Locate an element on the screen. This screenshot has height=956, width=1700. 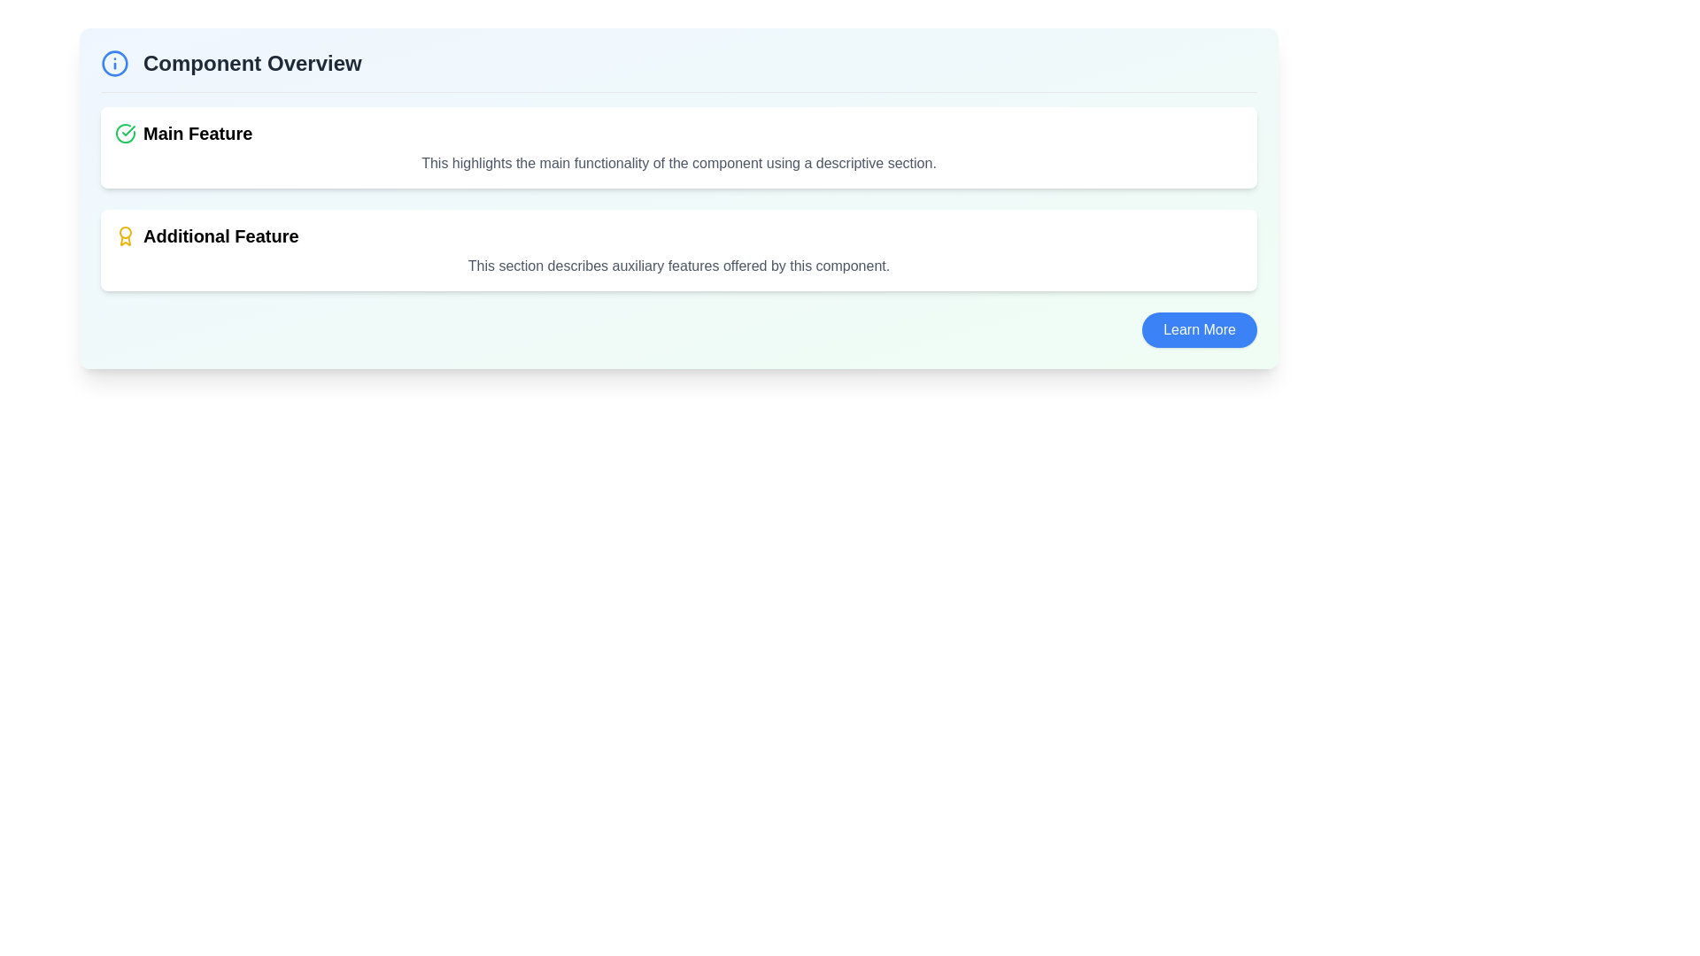
the status icon located in the top section of the interface, aligned to the left of the 'Main Feature' text label, to confirm its status is located at coordinates (125, 132).